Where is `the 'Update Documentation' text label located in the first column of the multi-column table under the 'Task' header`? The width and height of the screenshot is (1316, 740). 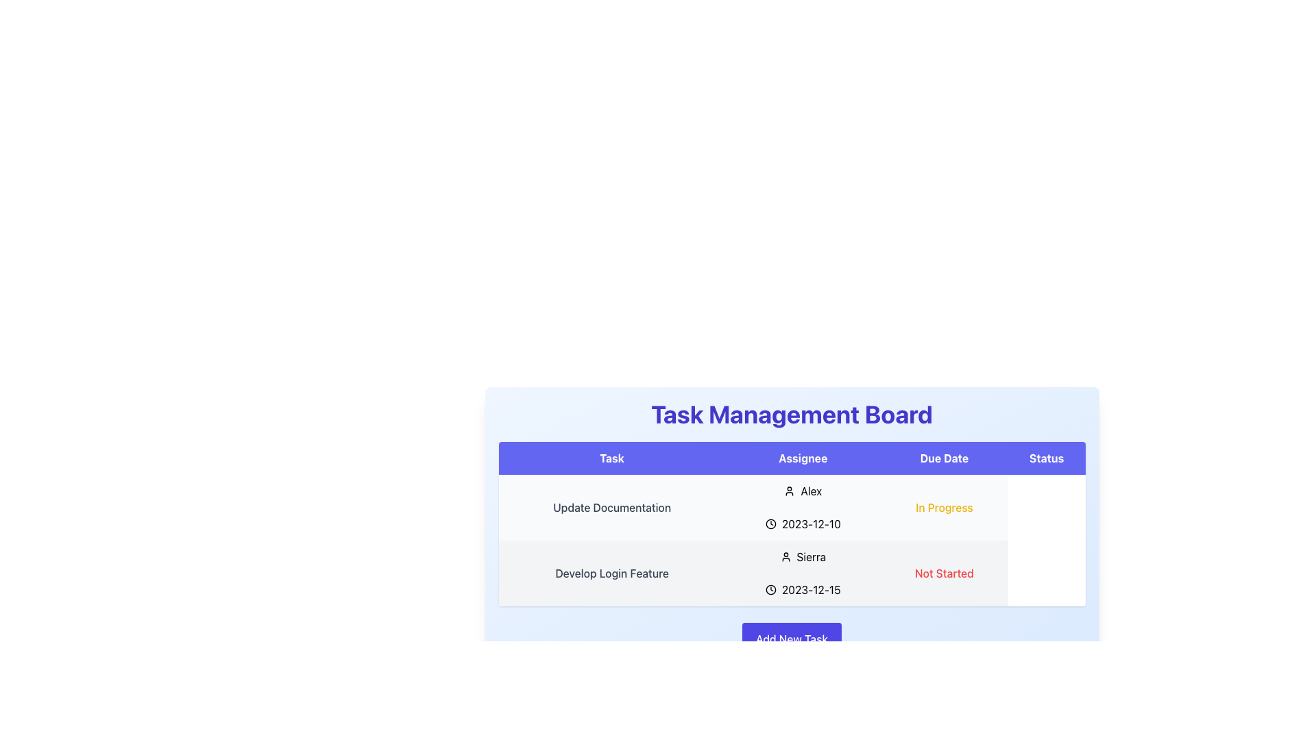
the 'Update Documentation' text label located in the first column of the multi-column table under the 'Task' header is located at coordinates (611, 507).